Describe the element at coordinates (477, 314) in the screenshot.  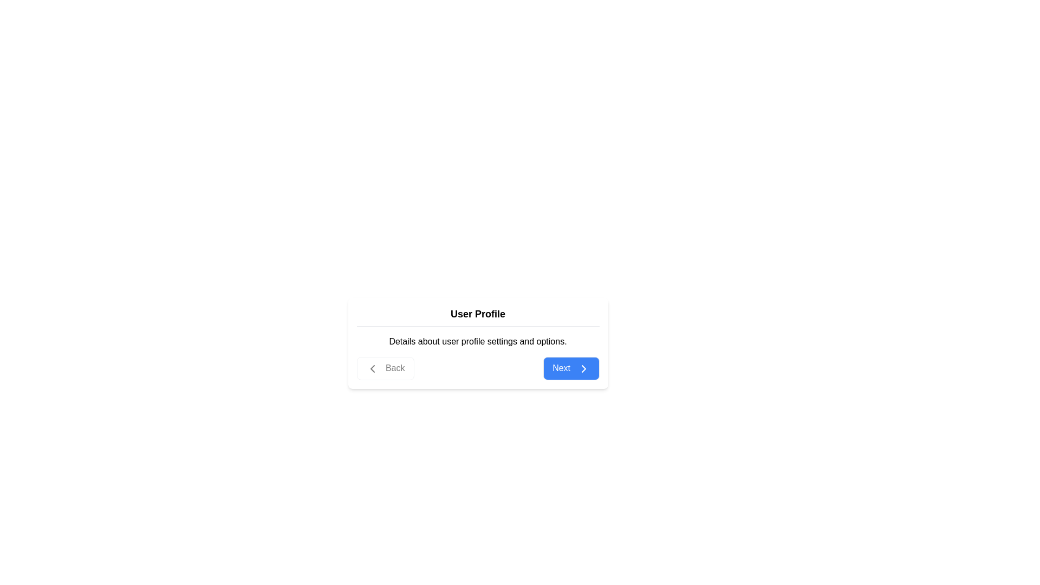
I see `the 'User Profile' text label, which is displayed in bold and larger font at the top of the card-like section` at that location.